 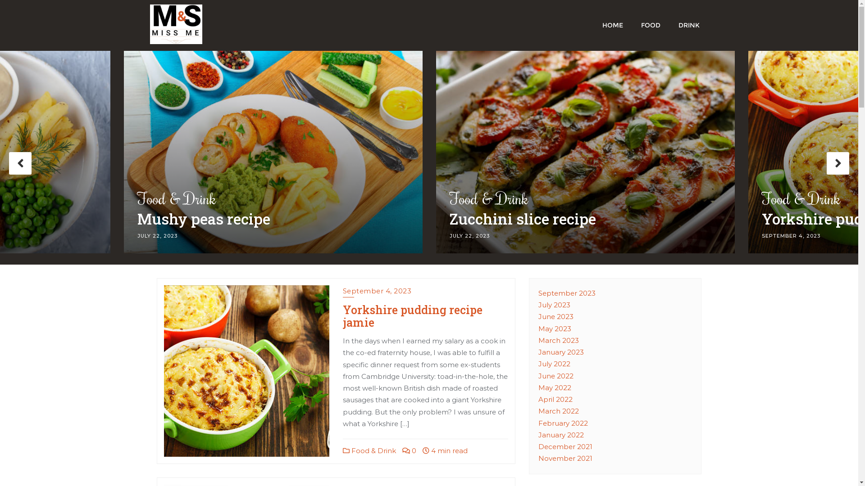 What do you see at coordinates (538, 304) in the screenshot?
I see `'July 2023'` at bounding box center [538, 304].